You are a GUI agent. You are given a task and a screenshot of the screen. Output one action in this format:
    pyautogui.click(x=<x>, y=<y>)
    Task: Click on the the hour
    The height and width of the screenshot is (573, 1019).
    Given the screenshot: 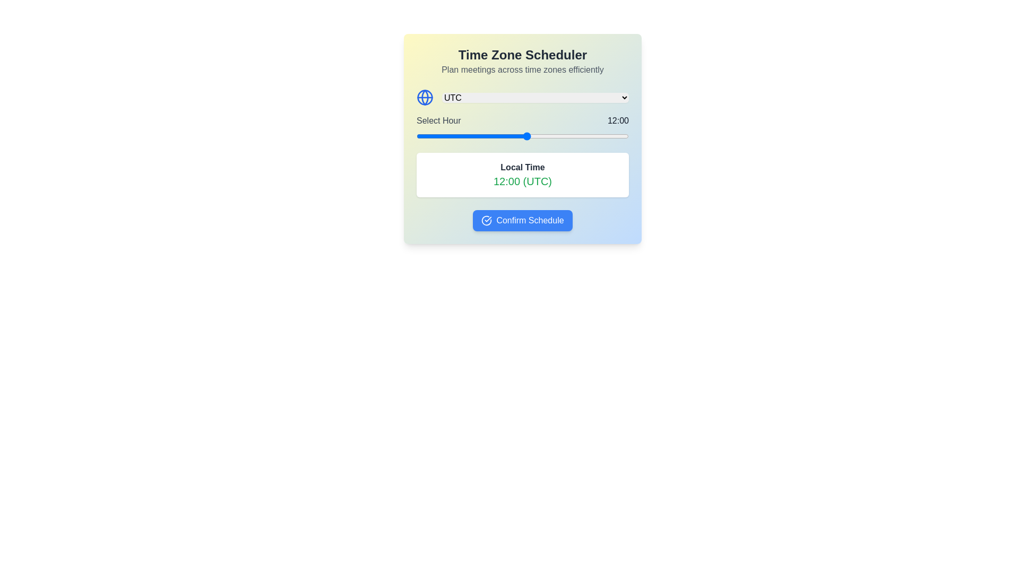 What is the action you would take?
    pyautogui.click(x=435, y=136)
    